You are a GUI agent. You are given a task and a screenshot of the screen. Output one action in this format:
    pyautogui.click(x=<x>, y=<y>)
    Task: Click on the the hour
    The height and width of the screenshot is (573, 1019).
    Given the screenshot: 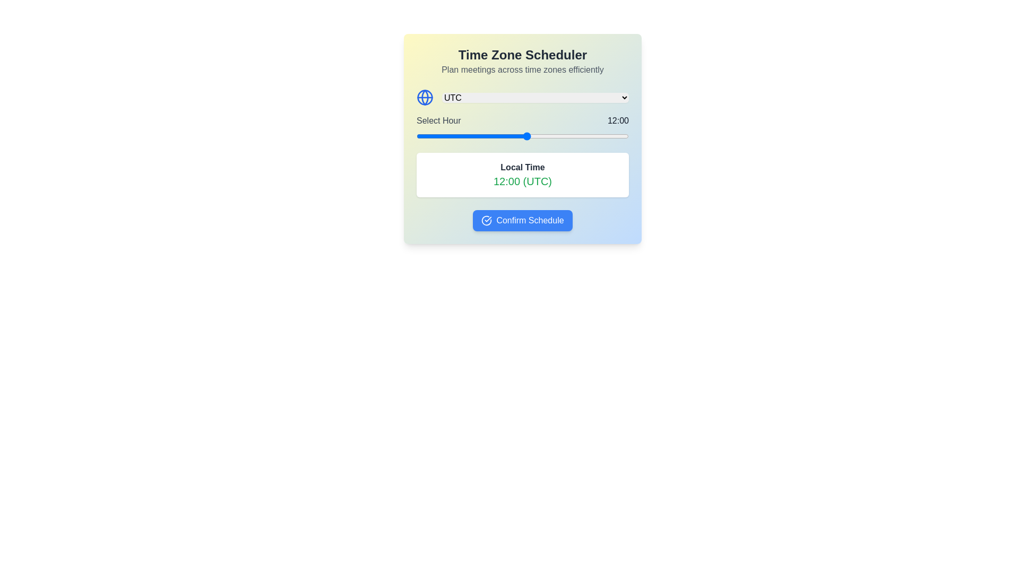 What is the action you would take?
    pyautogui.click(x=435, y=136)
    